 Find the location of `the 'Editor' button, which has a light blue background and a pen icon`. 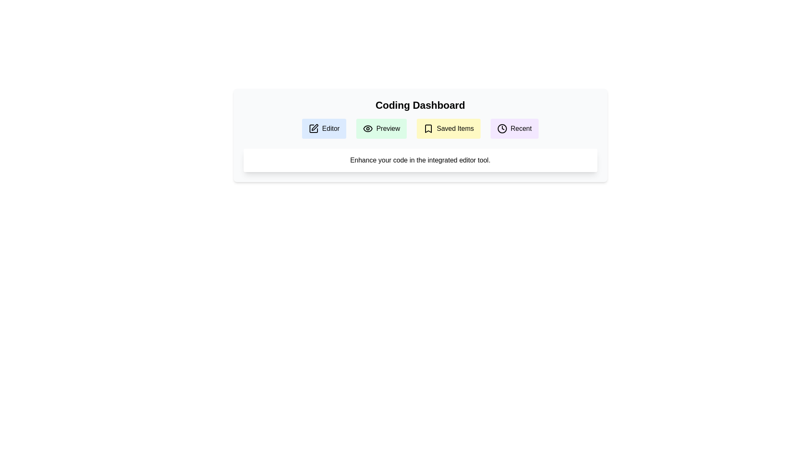

the 'Editor' button, which has a light blue background and a pen icon is located at coordinates (324, 128).